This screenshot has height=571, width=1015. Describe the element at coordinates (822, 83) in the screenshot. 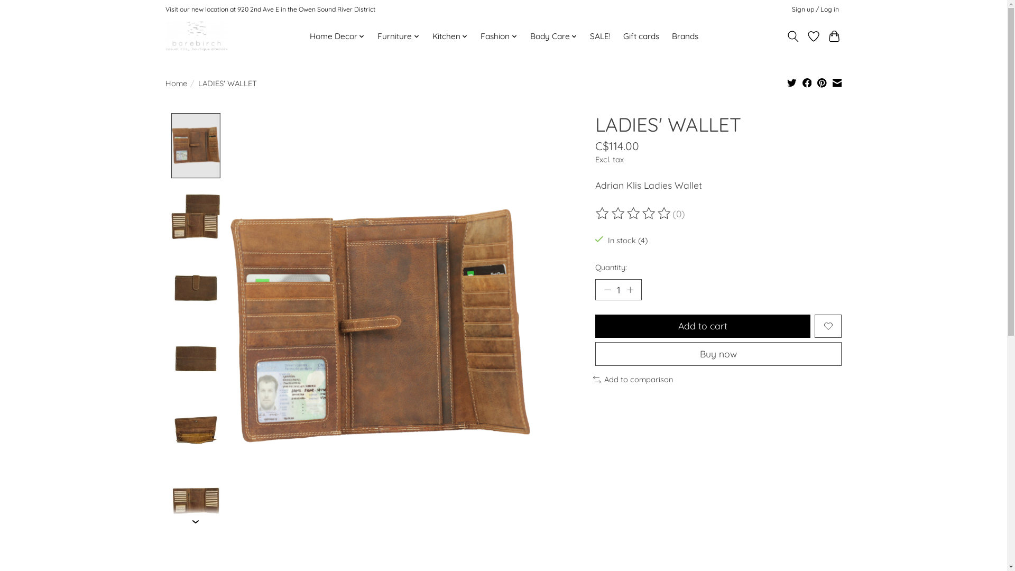

I see `'Share on Pinterest'` at that location.